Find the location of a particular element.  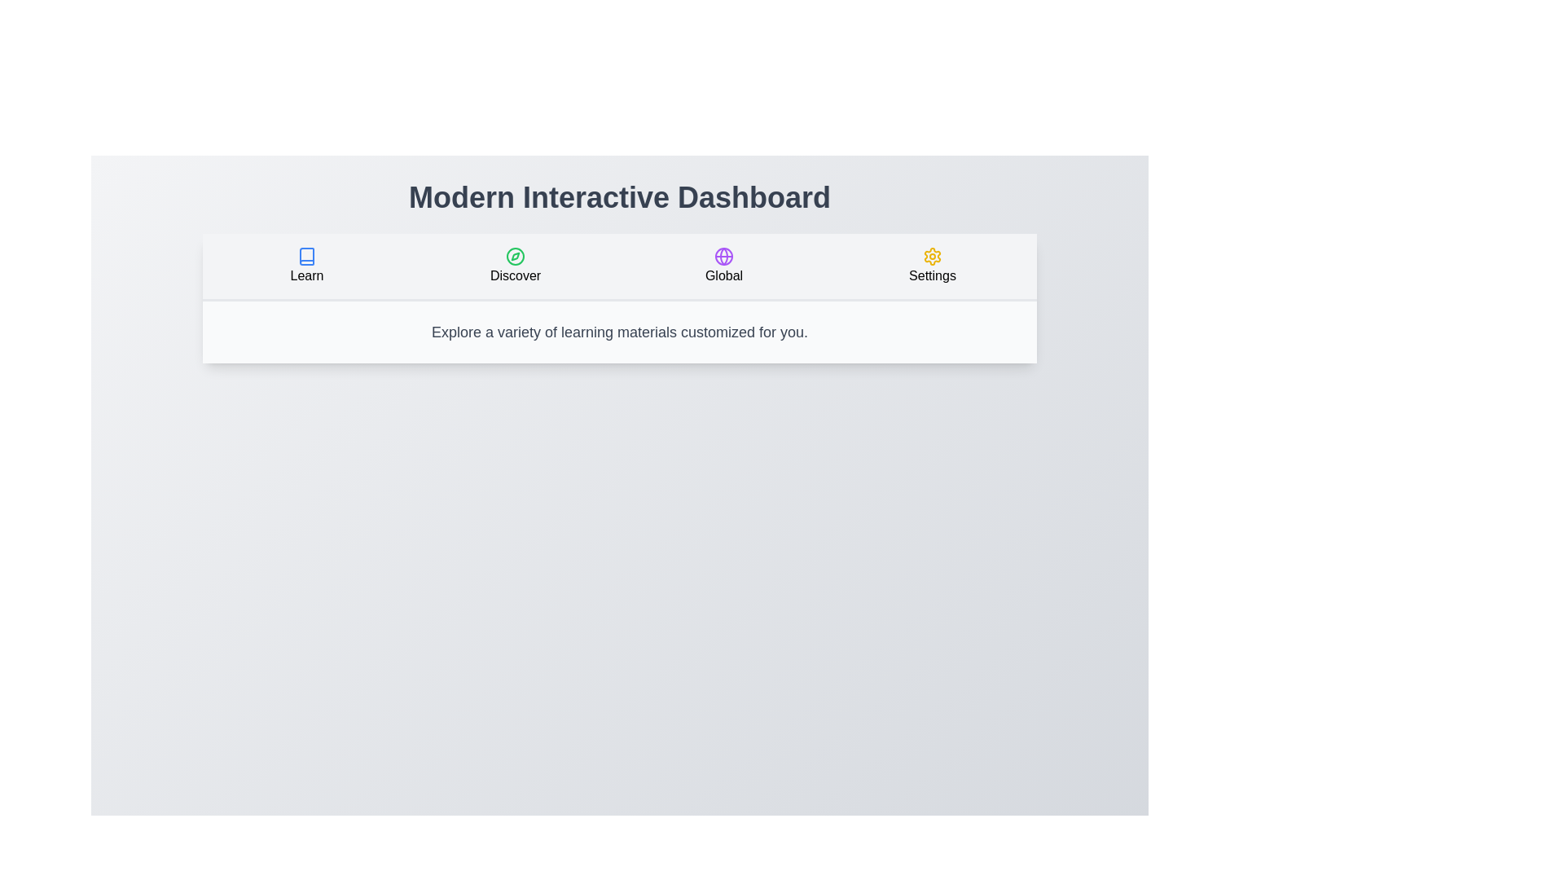

the 'Learn' button, which features a blue book icon and is located on the leftmost side of the navigation bar is located at coordinates (307, 266).